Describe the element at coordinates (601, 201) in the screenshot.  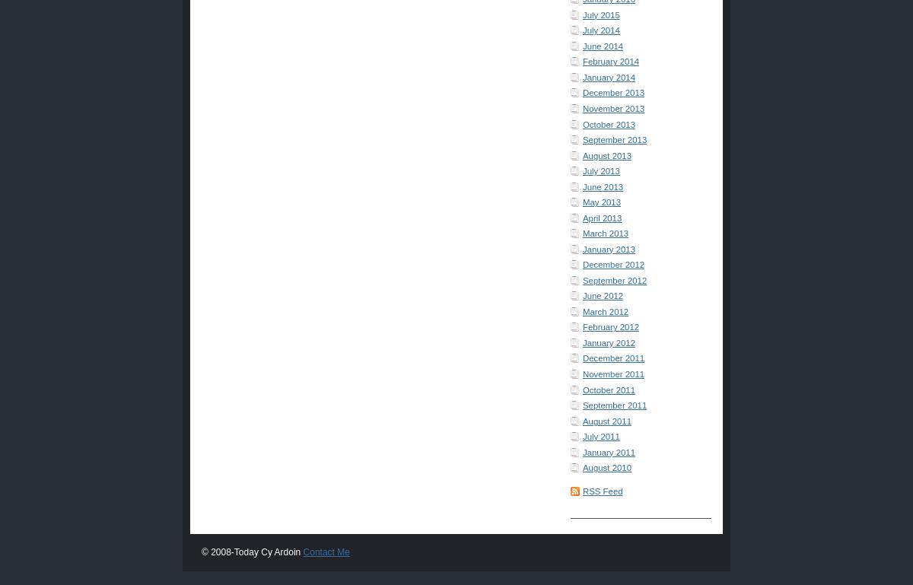
I see `'May 2013'` at that location.